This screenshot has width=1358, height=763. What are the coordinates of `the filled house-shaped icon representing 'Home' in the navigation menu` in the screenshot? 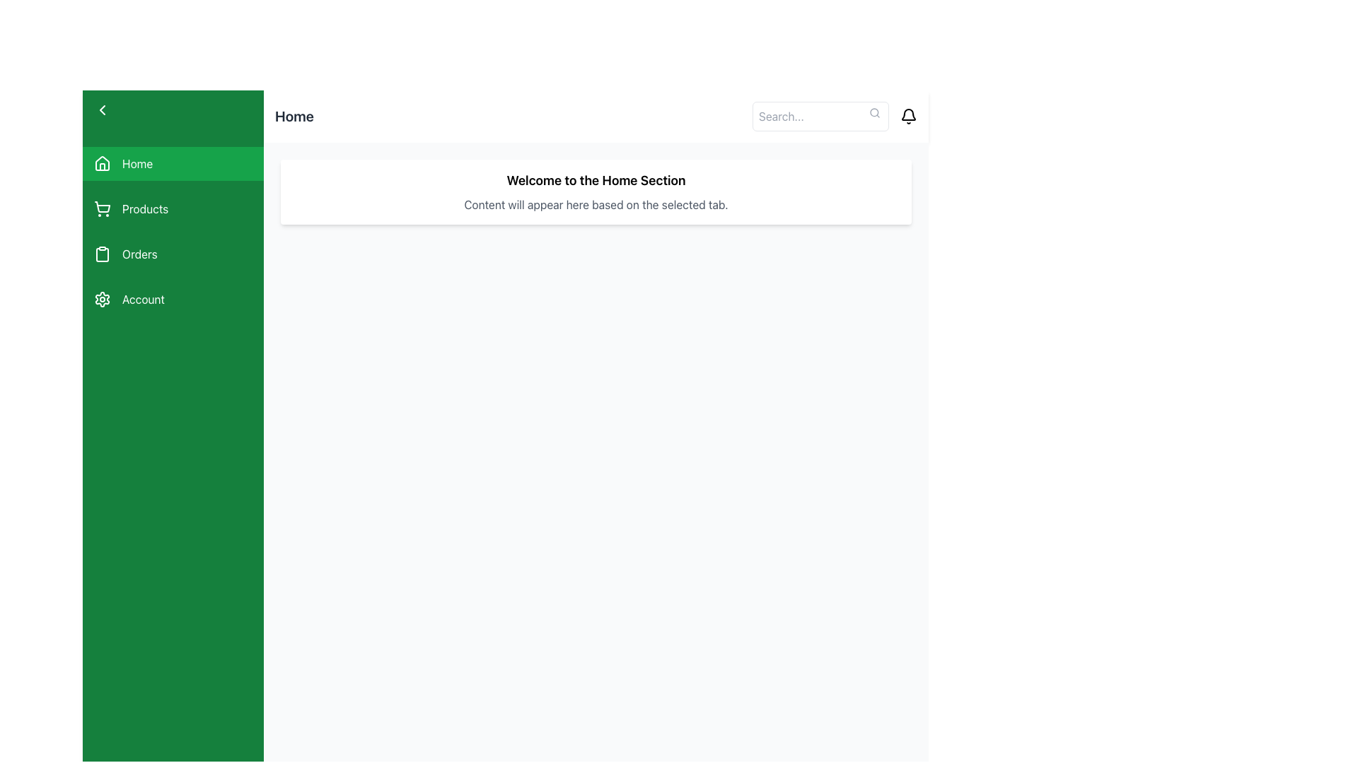 It's located at (101, 162).